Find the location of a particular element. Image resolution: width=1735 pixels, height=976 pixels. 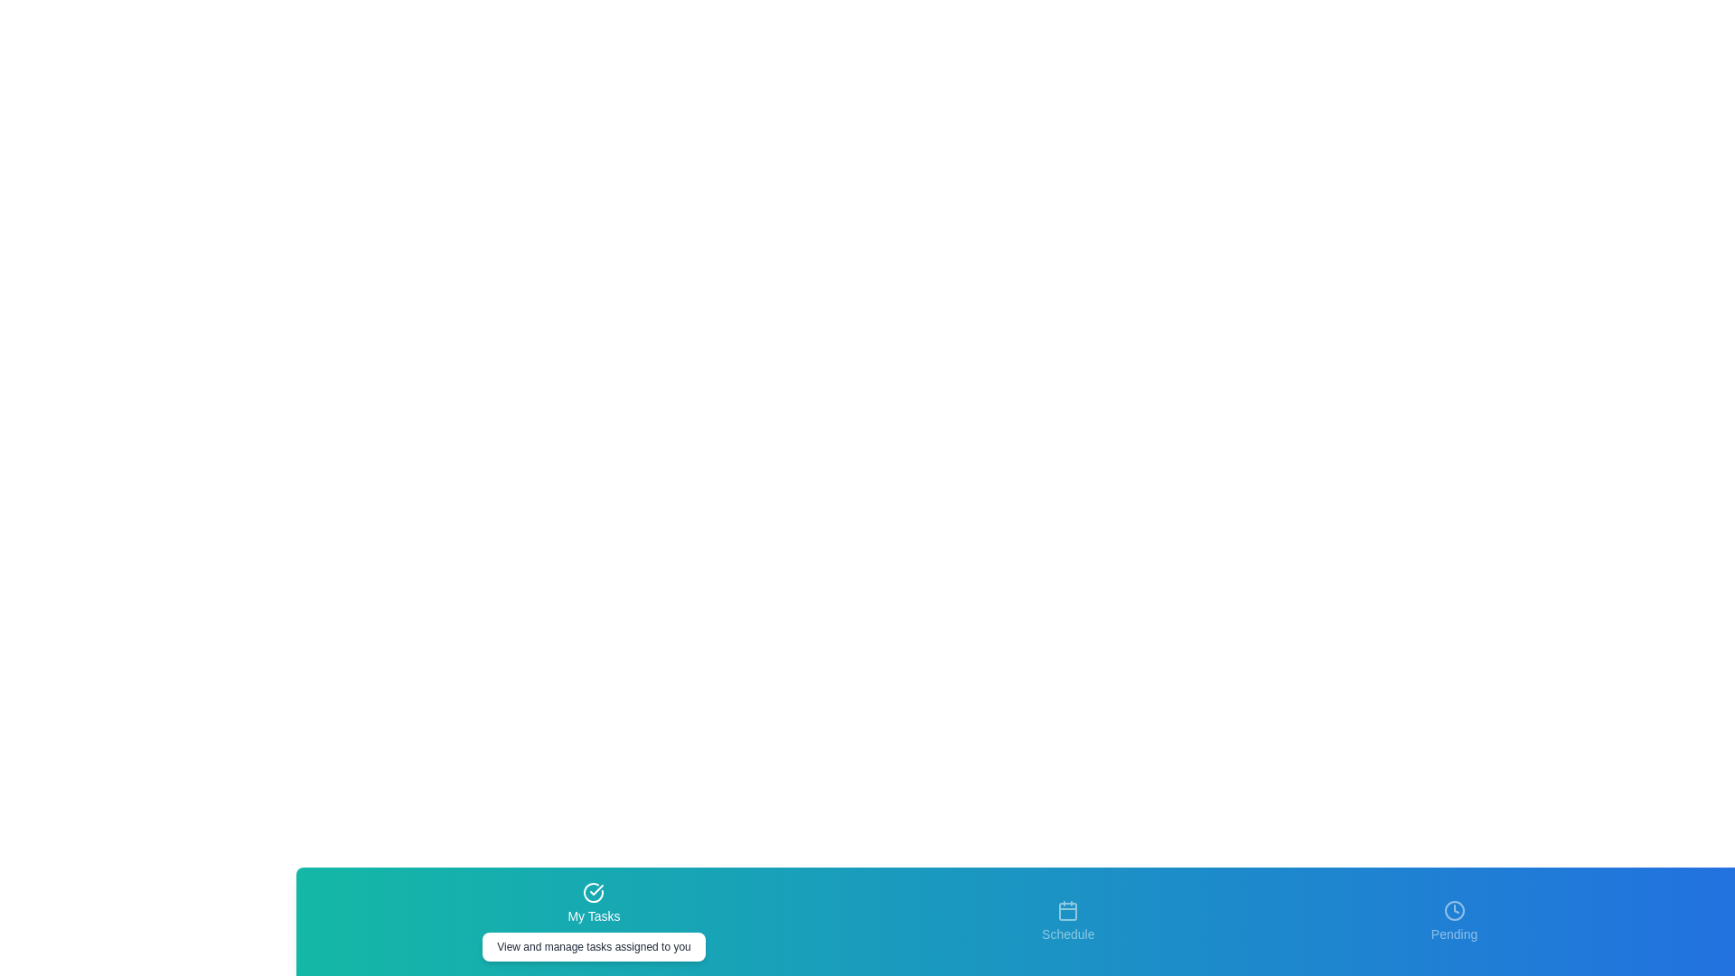

the tab labeled Schedule by clicking on its icon or label is located at coordinates (1068, 921).